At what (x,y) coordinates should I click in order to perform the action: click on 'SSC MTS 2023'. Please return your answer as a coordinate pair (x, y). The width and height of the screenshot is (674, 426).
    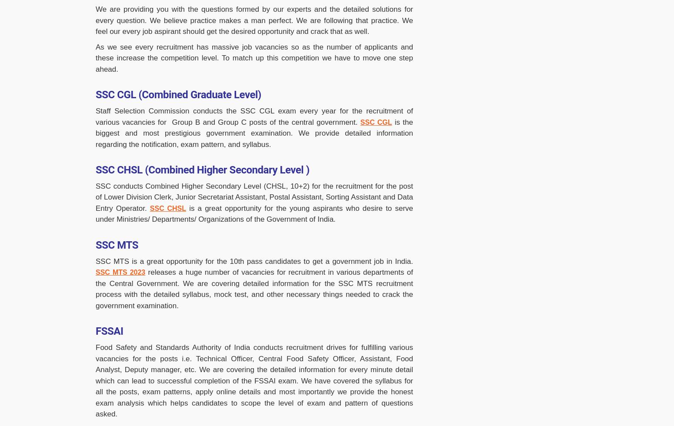
    Looking at the image, I should click on (120, 272).